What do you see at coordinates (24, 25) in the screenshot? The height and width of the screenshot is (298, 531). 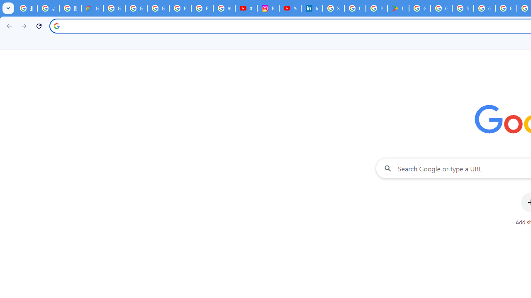 I see `'Forward'` at bounding box center [24, 25].